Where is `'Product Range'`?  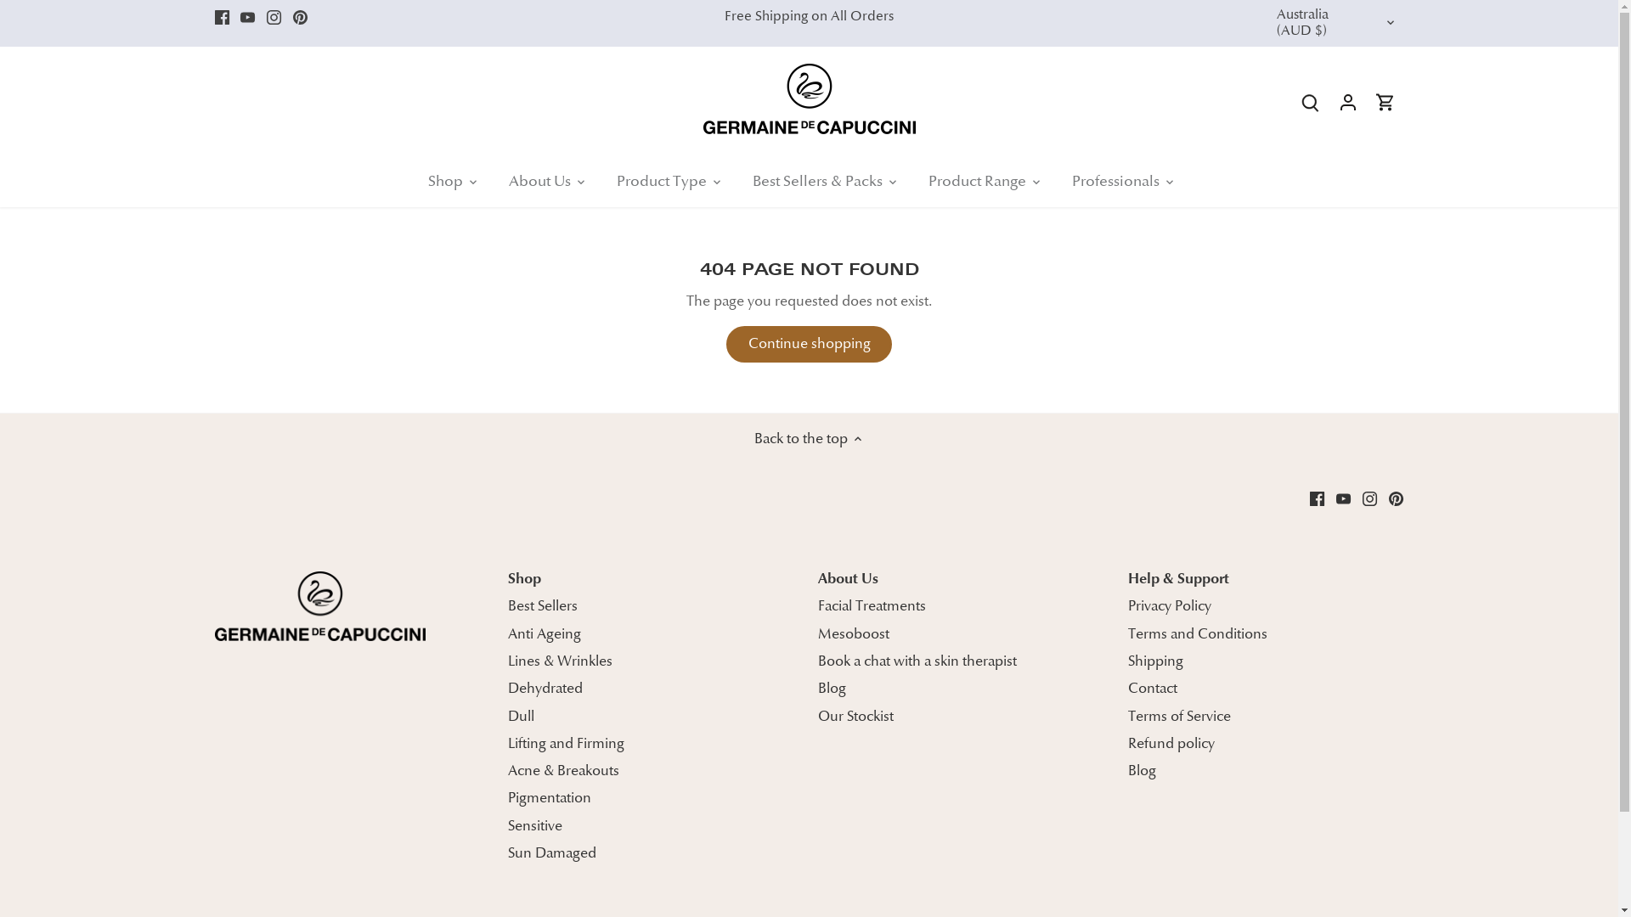 'Product Range' is located at coordinates (912, 182).